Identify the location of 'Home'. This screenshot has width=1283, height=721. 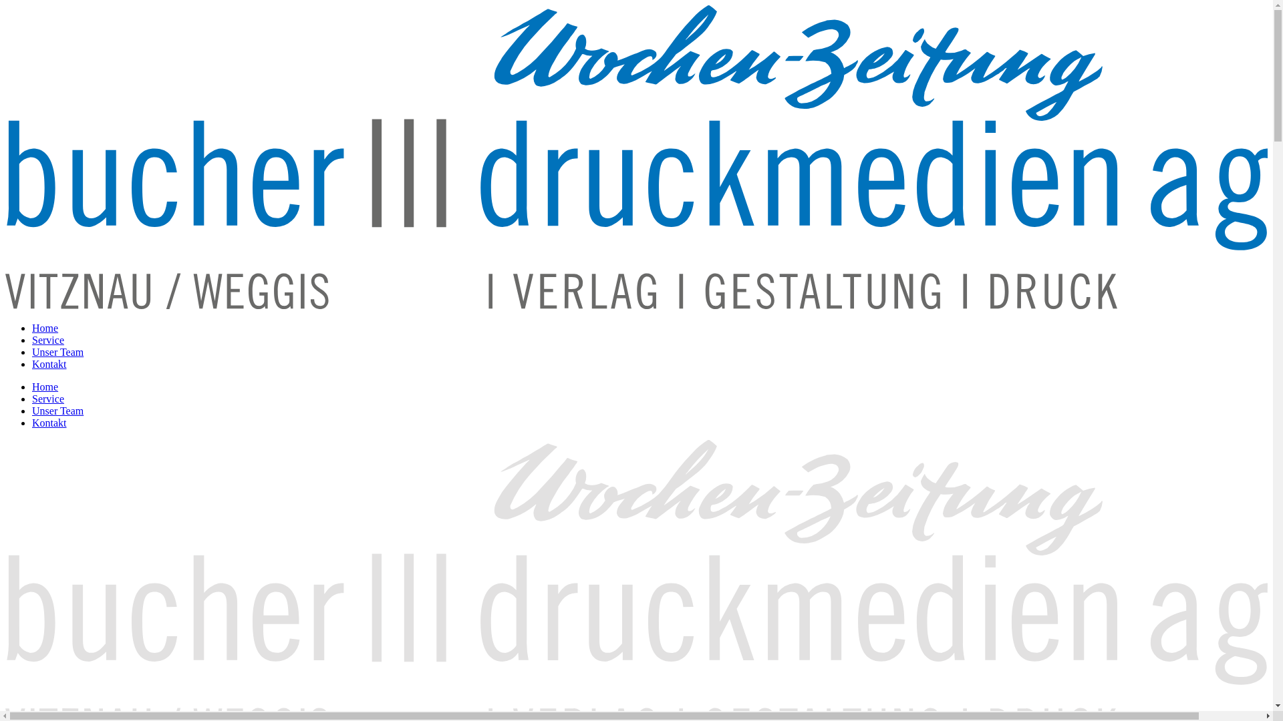
(45, 328).